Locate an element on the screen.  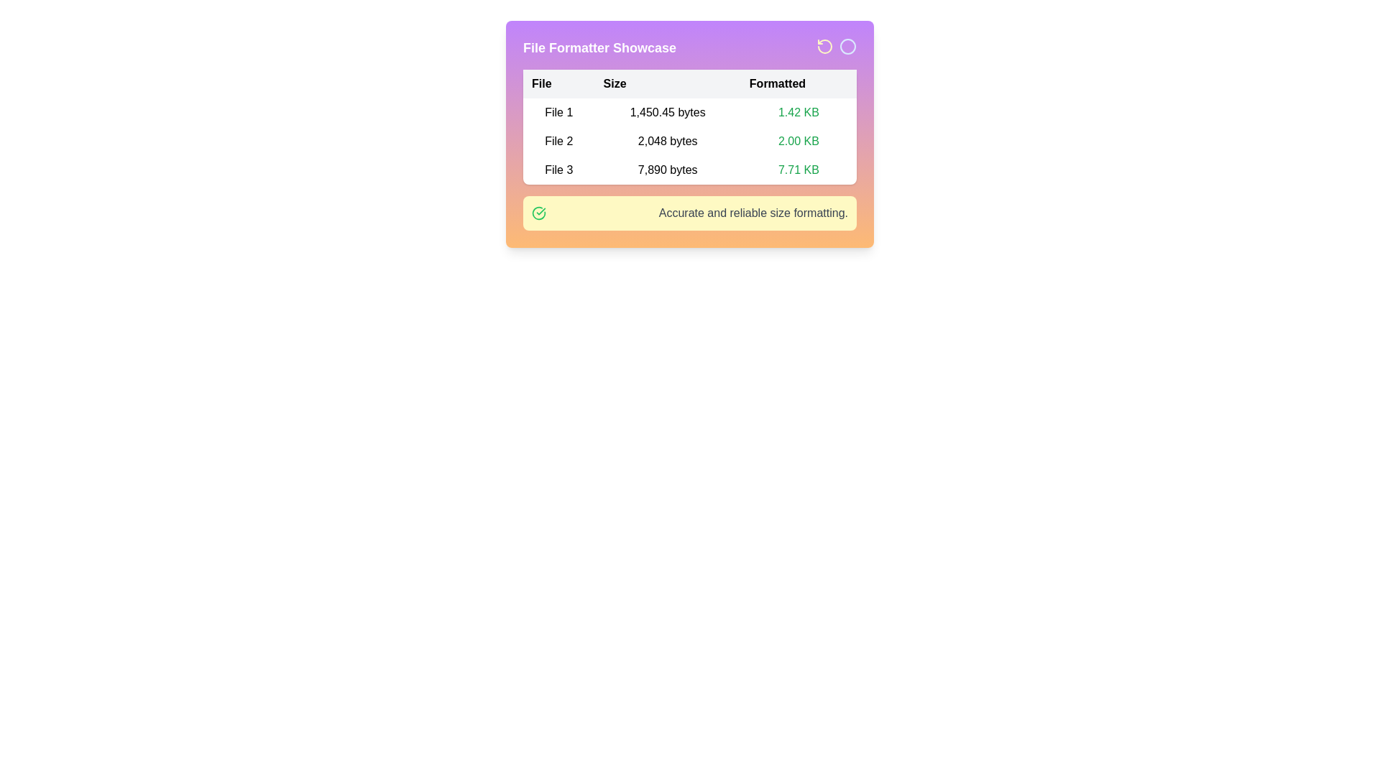
the 'File 3' text label in the first column of the table, which is displayed in plain black text on a white background, located under the 'File' header is located at coordinates (558, 169).